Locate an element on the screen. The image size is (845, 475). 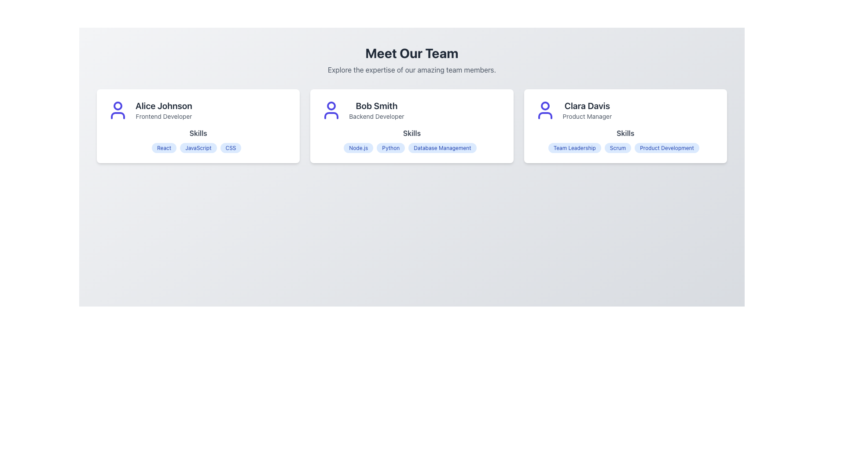
the Text Label Component displaying 'Bob Smith' for accessibility purposes, located in the center card of the three-panel layout is located at coordinates (376, 110).